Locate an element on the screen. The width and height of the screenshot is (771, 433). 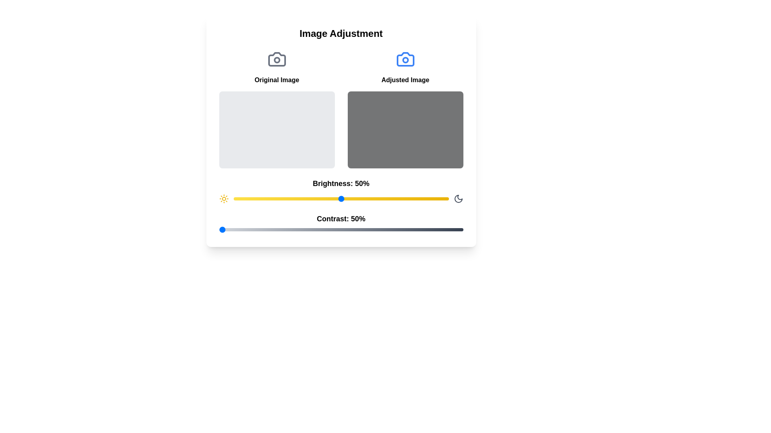
the slider value is located at coordinates (422, 198).